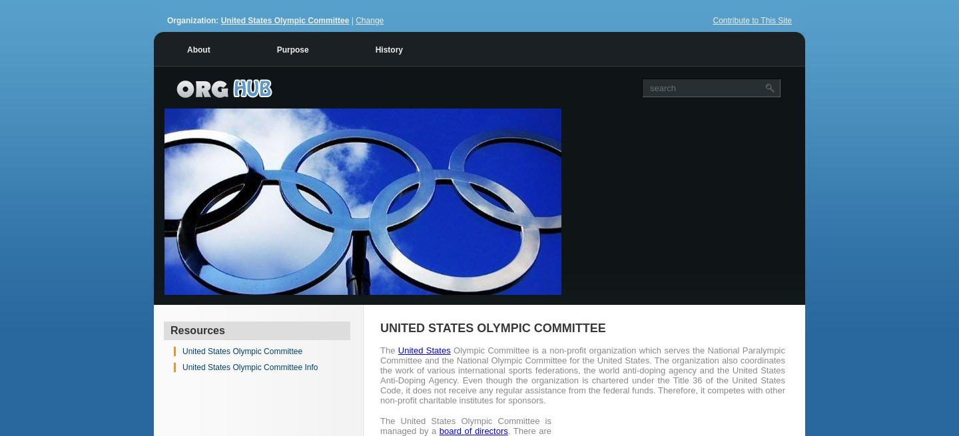 The width and height of the screenshot is (959, 436). What do you see at coordinates (369, 19) in the screenshot?
I see `'Change'` at bounding box center [369, 19].